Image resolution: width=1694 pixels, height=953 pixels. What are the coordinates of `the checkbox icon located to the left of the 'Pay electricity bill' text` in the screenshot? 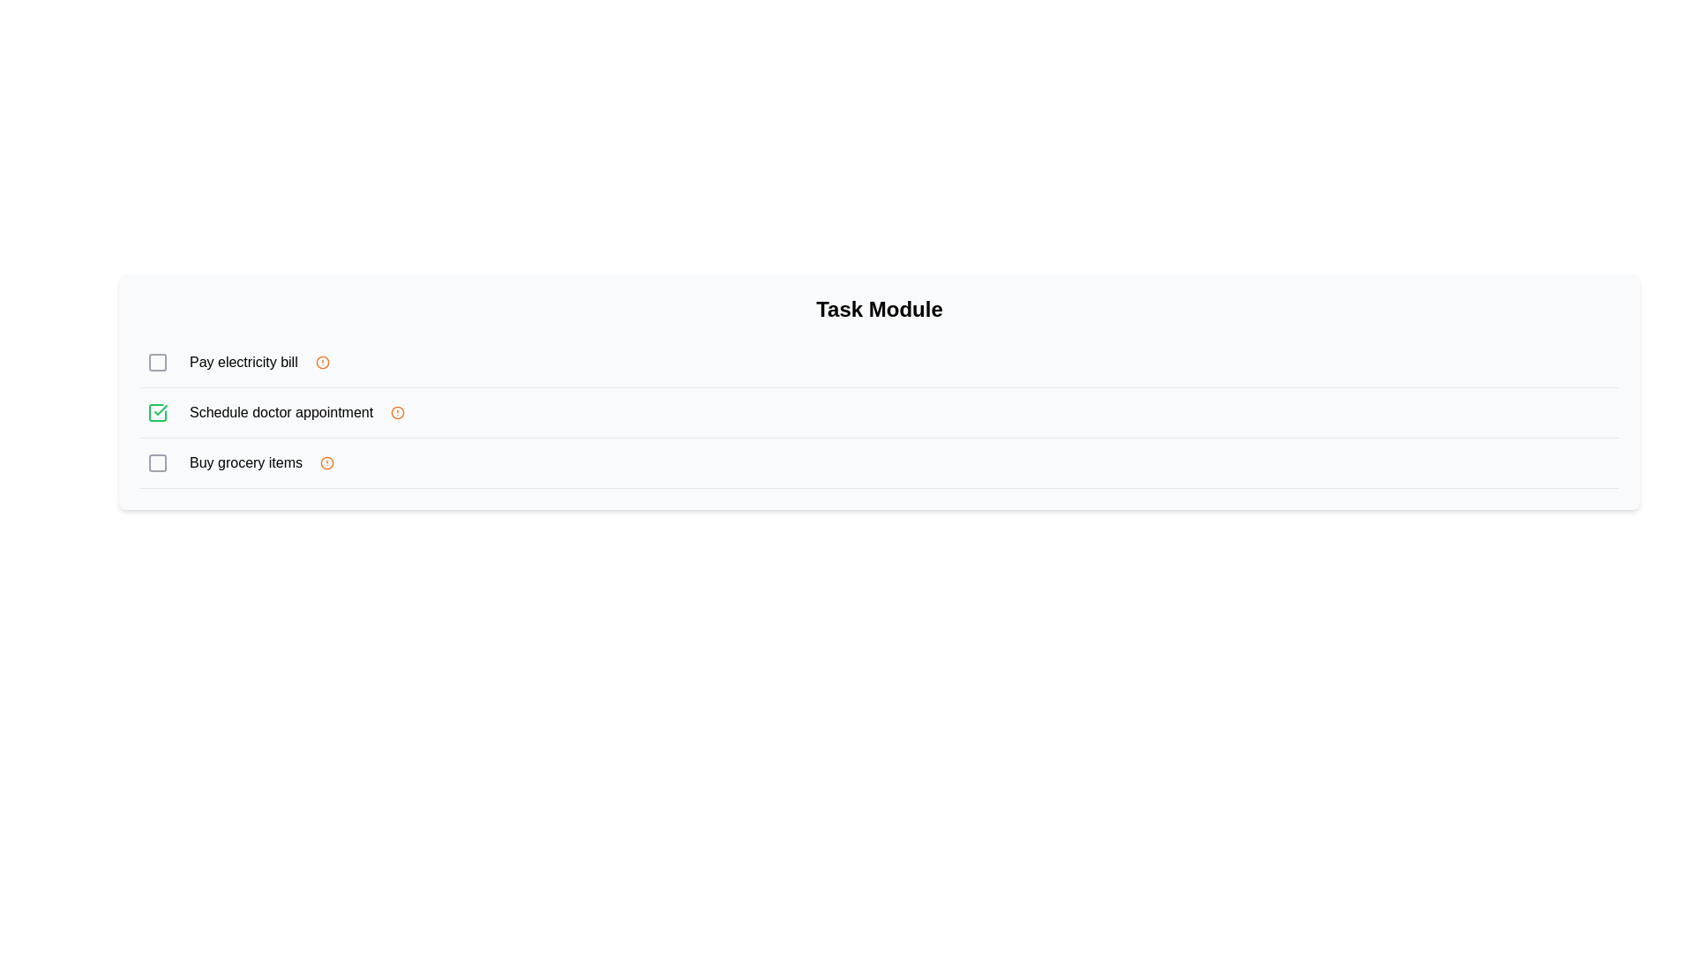 It's located at (157, 362).